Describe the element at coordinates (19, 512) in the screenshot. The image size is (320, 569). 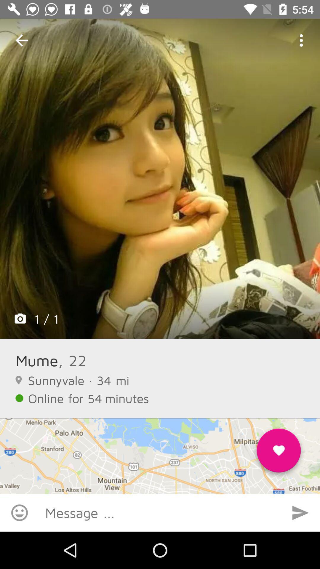
I see `emoji` at that location.